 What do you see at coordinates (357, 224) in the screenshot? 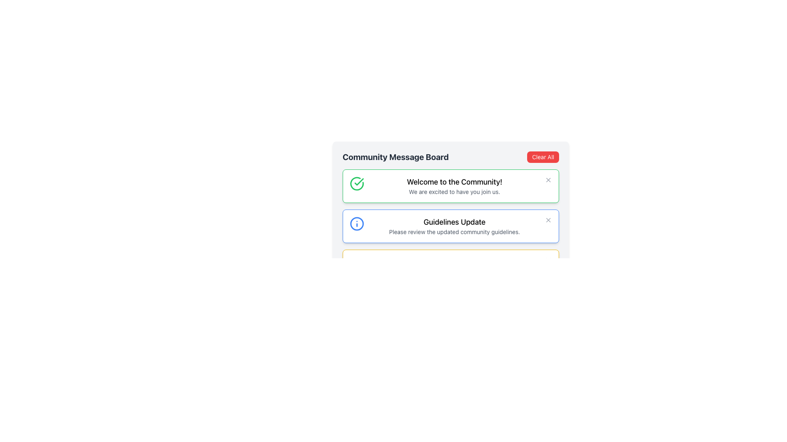
I see `the information icon that represents the message 'Guidelines Update', positioned to the left of the text 'Guidelines UpdatePlease review the updated community guidelines.'` at bounding box center [357, 224].